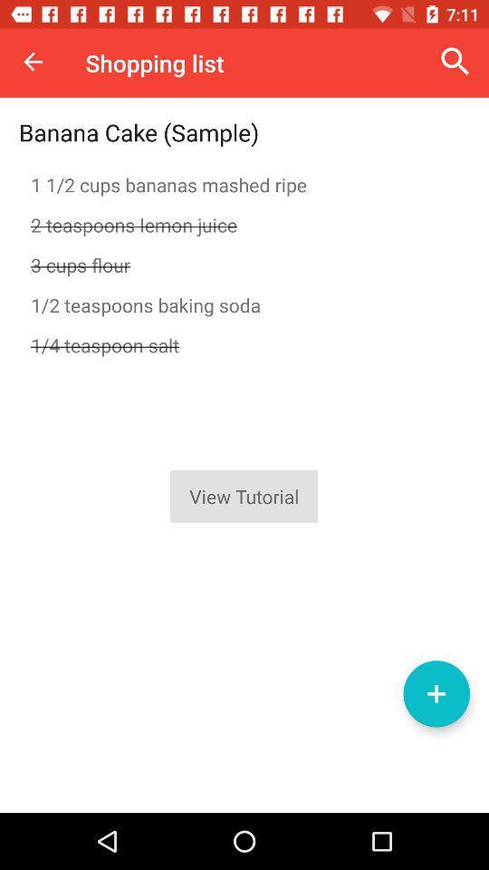 Image resolution: width=489 pixels, height=870 pixels. What do you see at coordinates (33, 62) in the screenshot?
I see `item to the left of shopping list` at bounding box center [33, 62].